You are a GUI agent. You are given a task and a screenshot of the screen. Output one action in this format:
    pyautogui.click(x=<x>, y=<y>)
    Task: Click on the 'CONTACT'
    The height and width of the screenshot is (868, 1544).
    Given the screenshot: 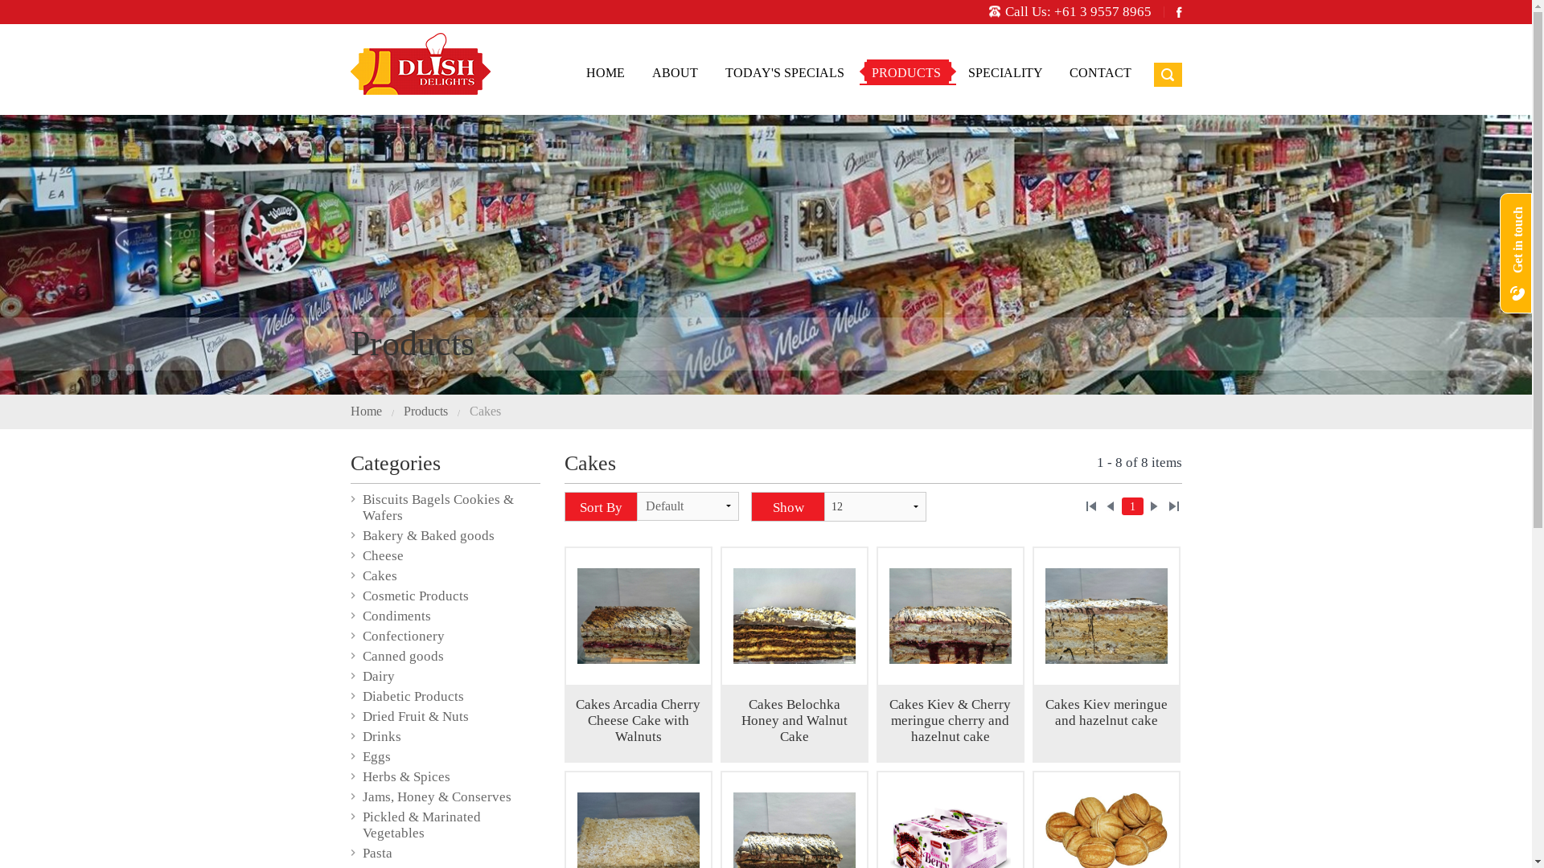 What is the action you would take?
    pyautogui.click(x=1099, y=72)
    